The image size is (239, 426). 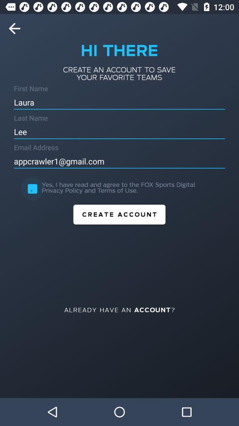 What do you see at coordinates (17, 28) in the screenshot?
I see `undo` at bounding box center [17, 28].